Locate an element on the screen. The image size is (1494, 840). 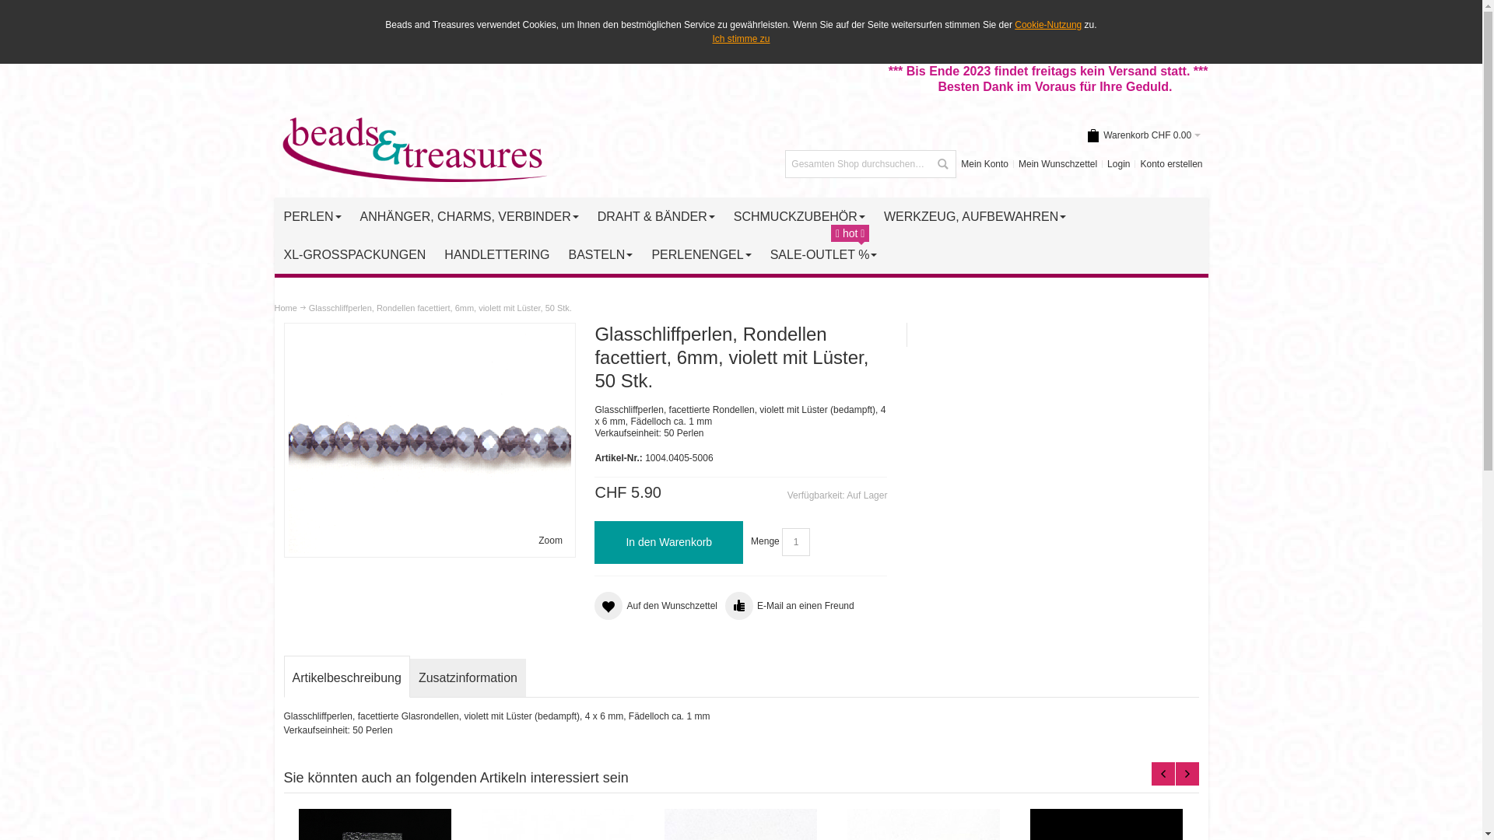
'In den Warenkorb' is located at coordinates (593, 541).